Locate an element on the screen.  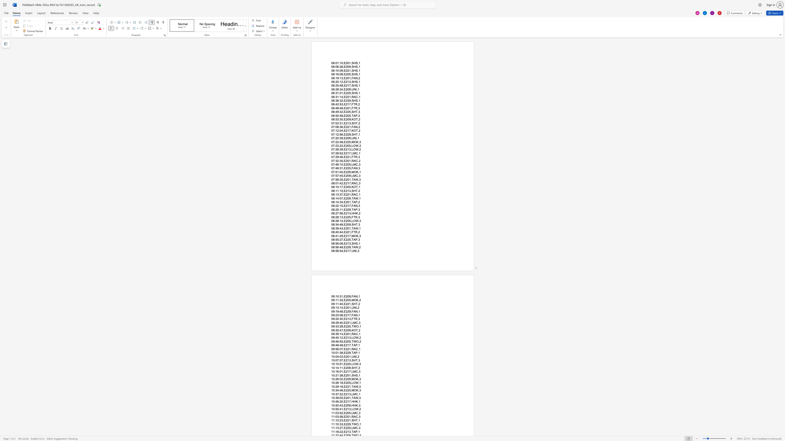
the subset text "1,FT" within the text "07:29:46,E221,FTR,3" is located at coordinates (349, 157).